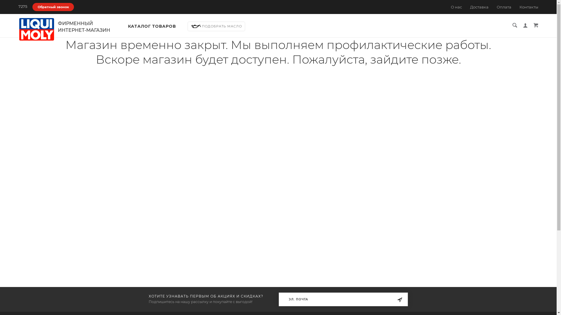  What do you see at coordinates (18, 6) in the screenshot?
I see `'7275'` at bounding box center [18, 6].